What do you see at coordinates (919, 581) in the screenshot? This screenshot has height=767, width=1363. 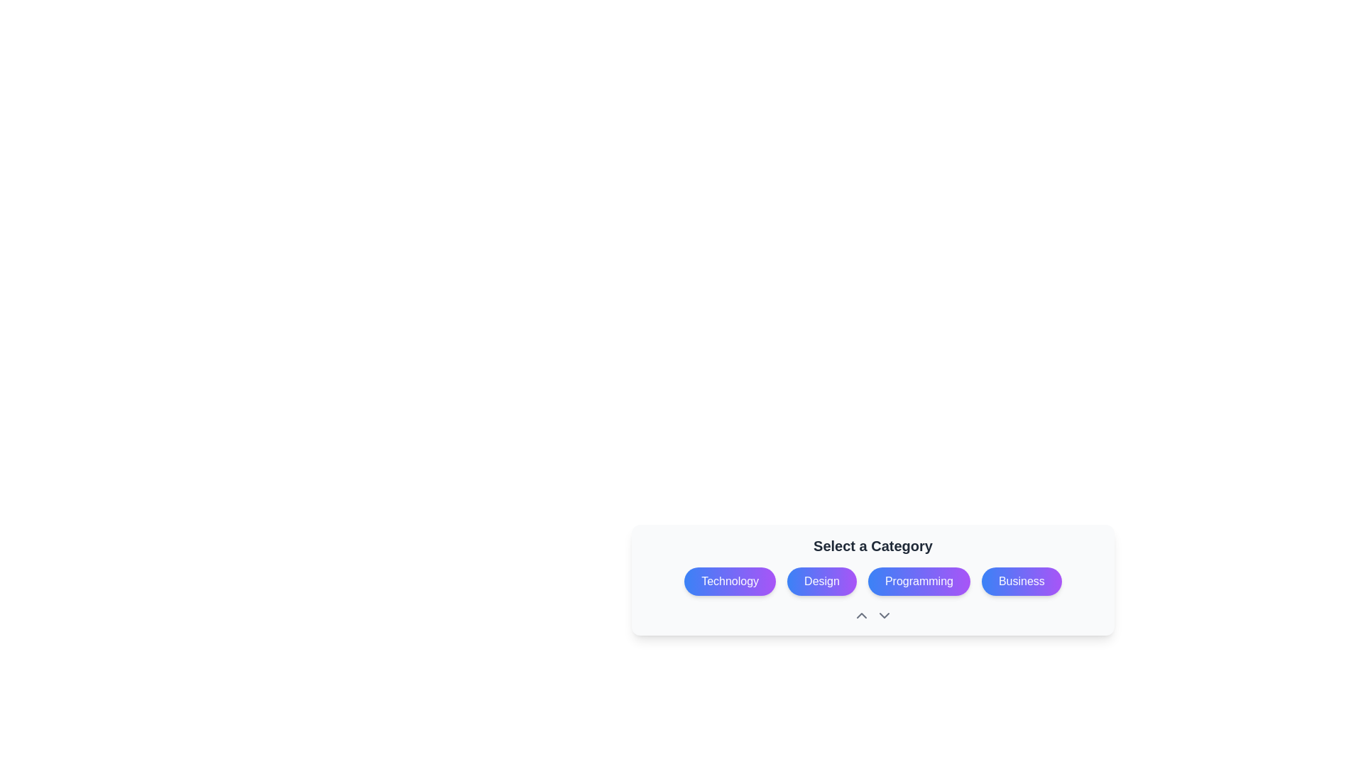 I see `the 'Programming' button with rounded edges for keyboard interaction` at bounding box center [919, 581].